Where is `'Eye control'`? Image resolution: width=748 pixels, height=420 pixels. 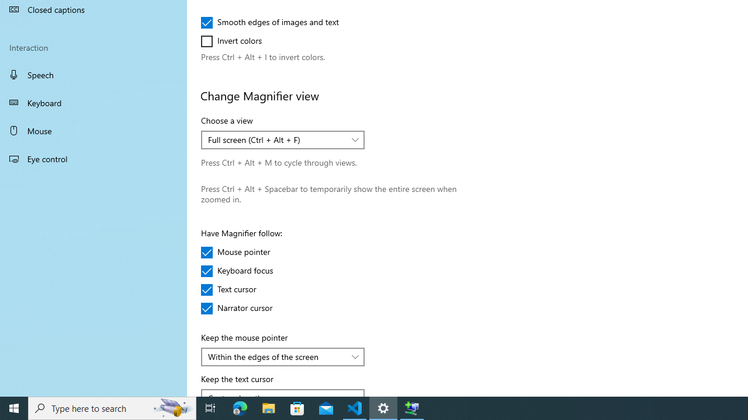 'Eye control' is located at coordinates (93, 158).